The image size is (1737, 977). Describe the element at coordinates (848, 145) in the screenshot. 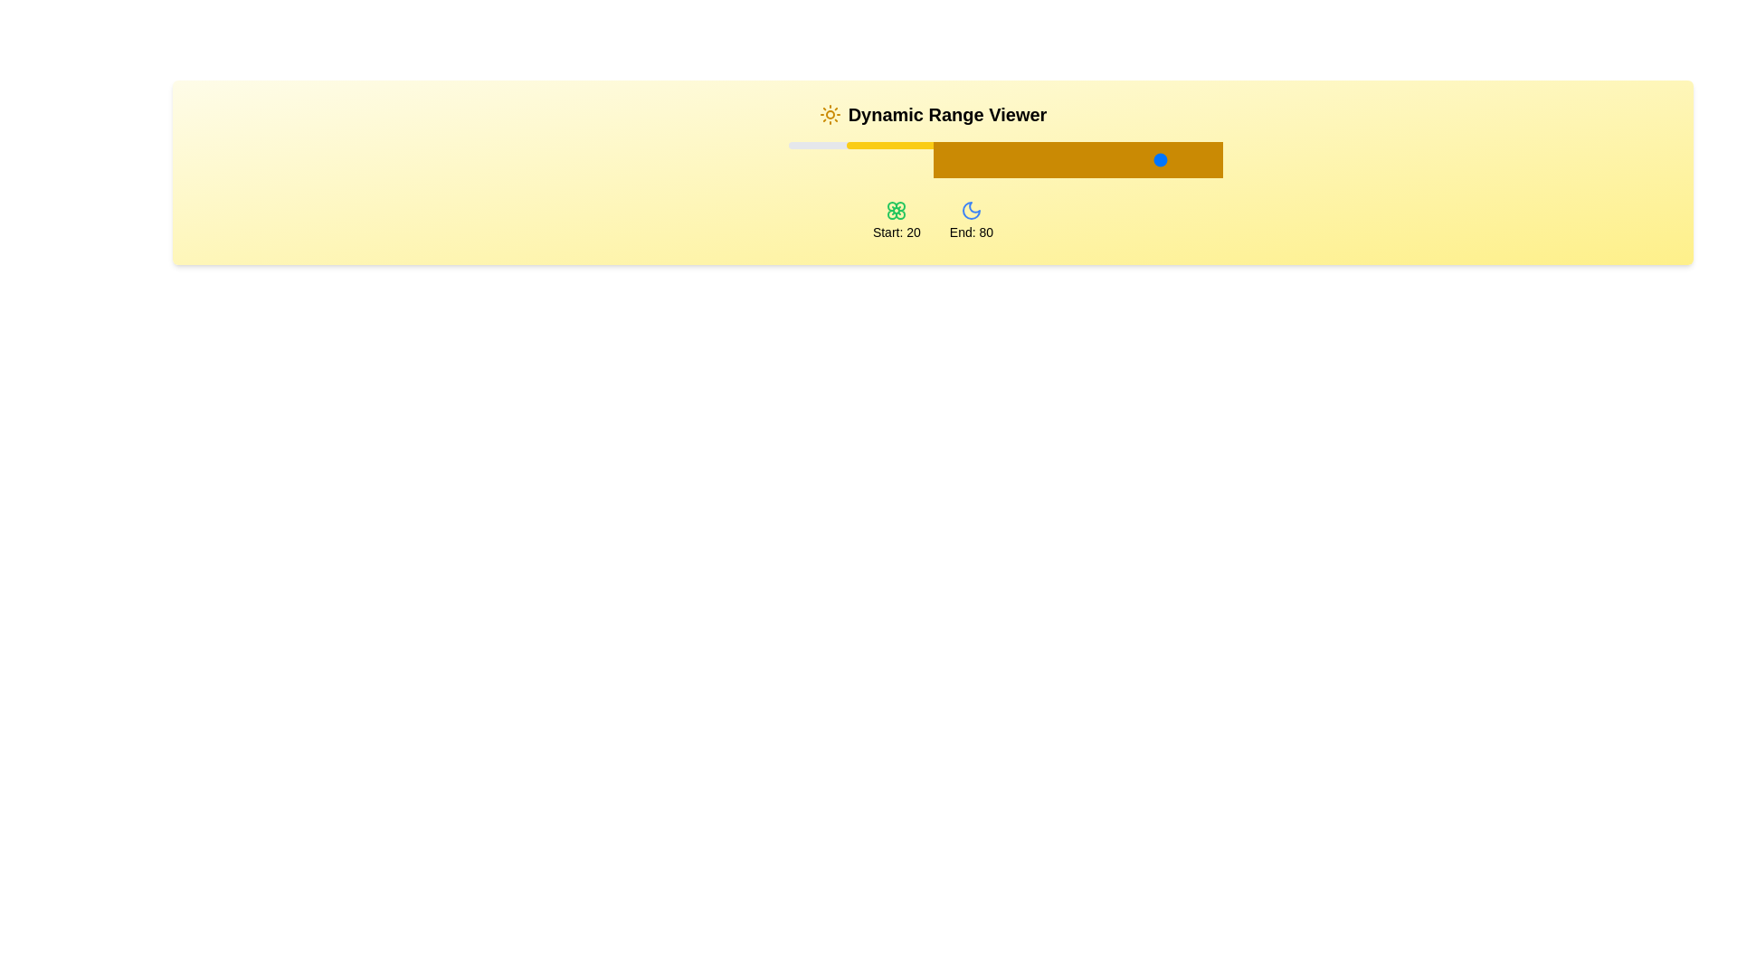

I see `the slider` at that location.